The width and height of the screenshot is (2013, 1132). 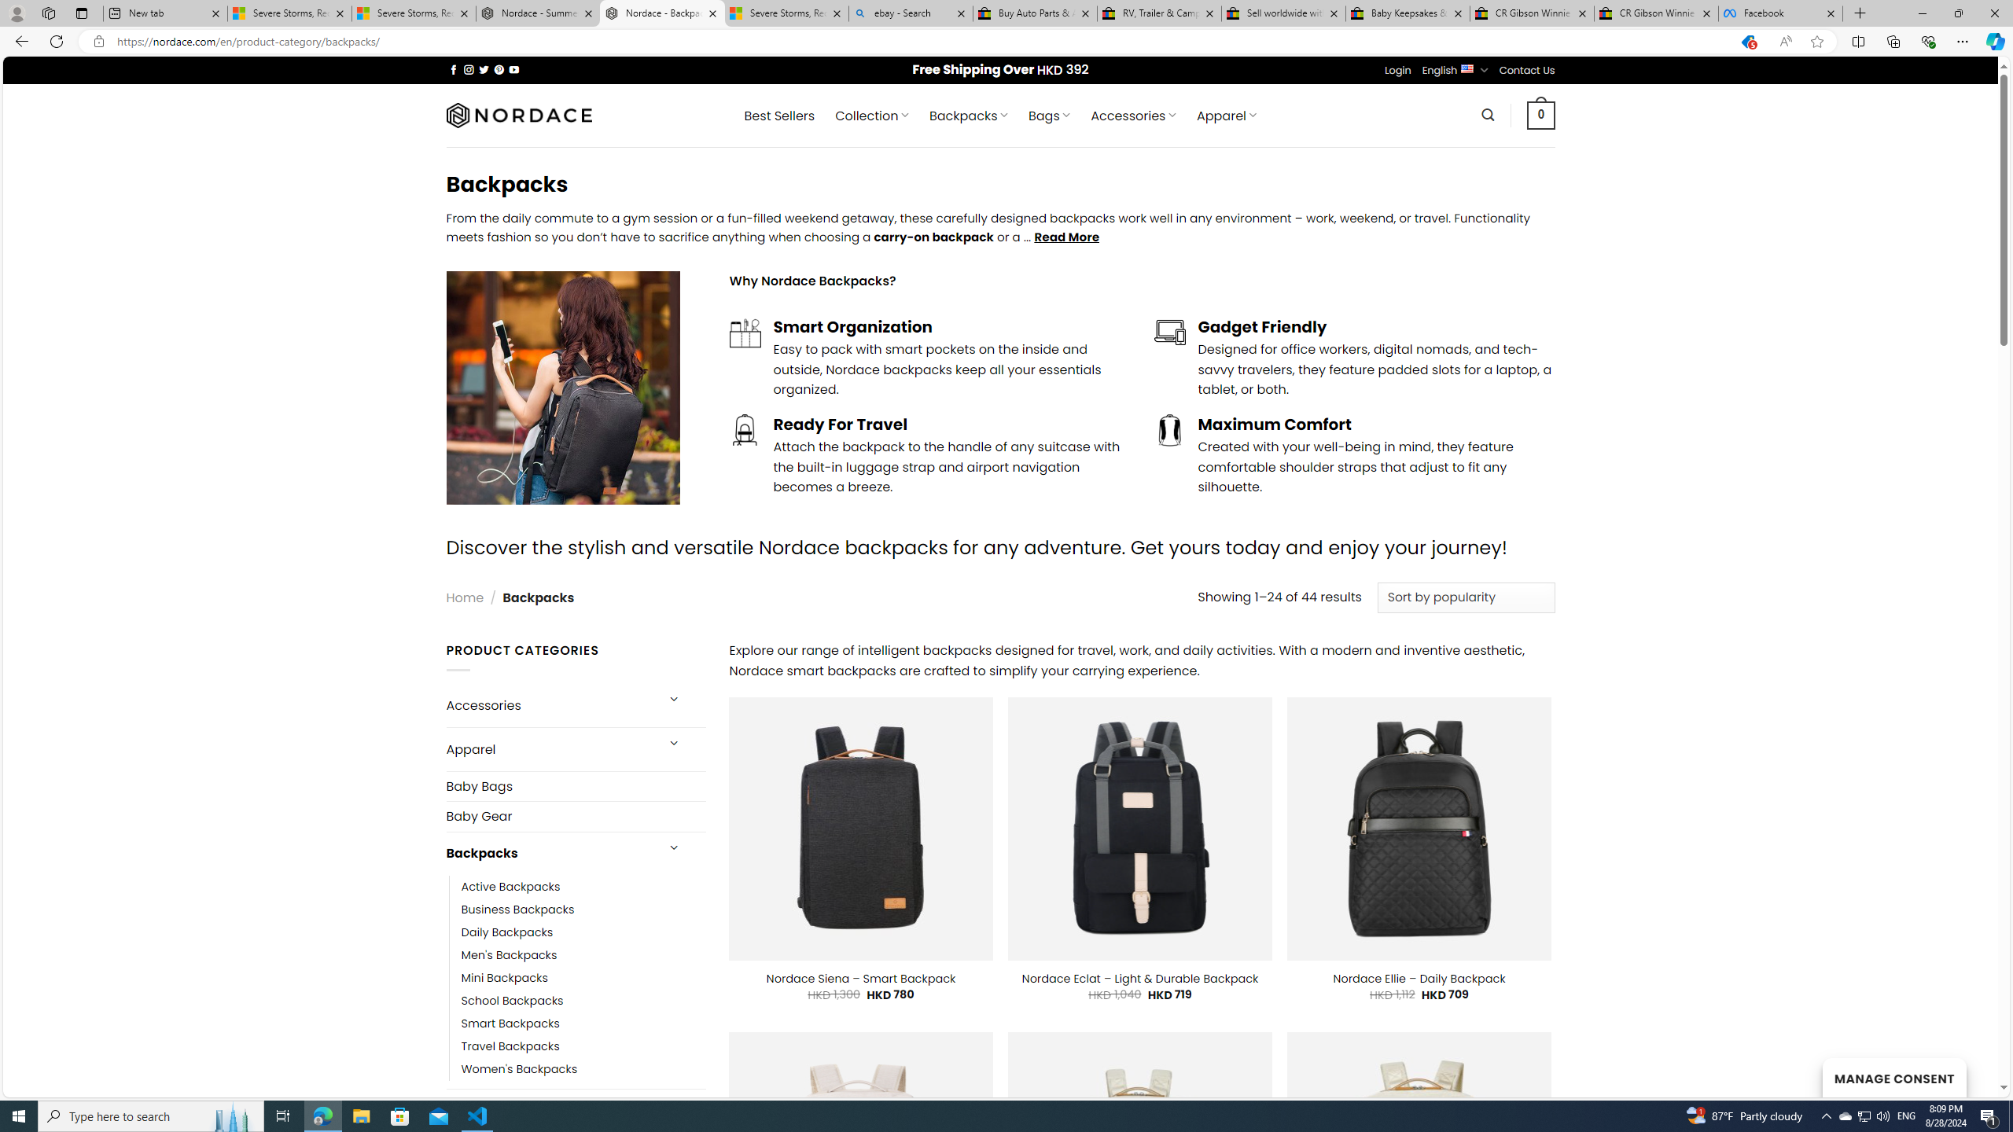 I want to click on 'Business Backpacks', so click(x=583, y=909).